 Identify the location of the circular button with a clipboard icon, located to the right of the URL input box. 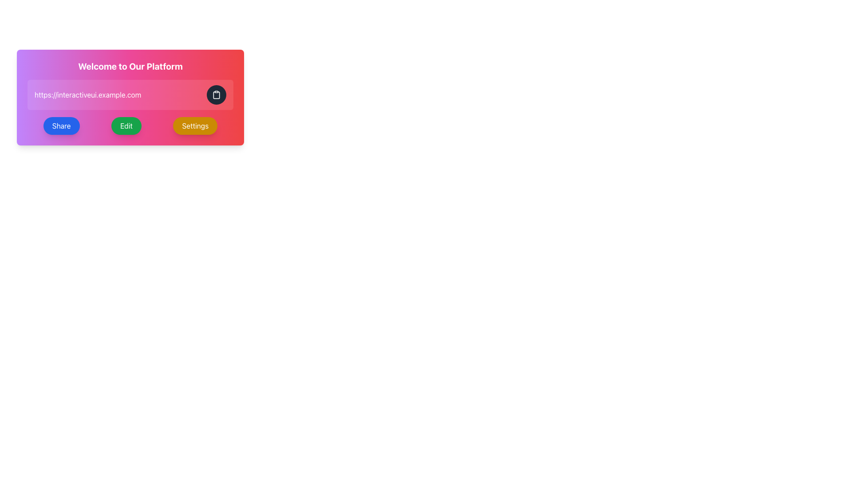
(217, 94).